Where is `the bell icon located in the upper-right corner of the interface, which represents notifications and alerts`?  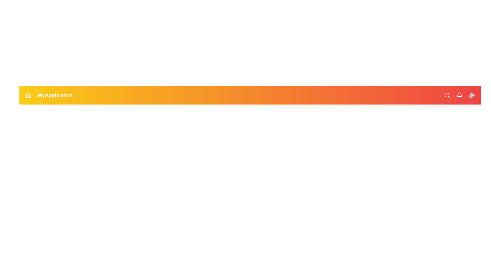 the bell icon located in the upper-right corner of the interface, which represents notifications and alerts is located at coordinates (459, 95).